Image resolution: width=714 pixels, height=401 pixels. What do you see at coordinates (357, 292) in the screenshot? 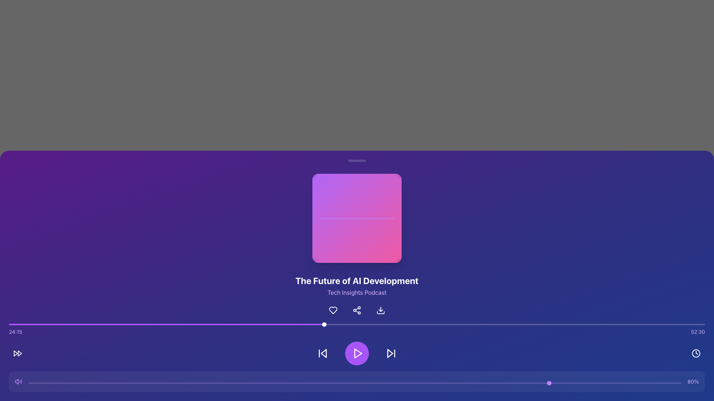
I see `text element displaying 'Tech Insights Podcast', which is styled in purple and located beneath 'The Future of AI Development'` at bounding box center [357, 292].